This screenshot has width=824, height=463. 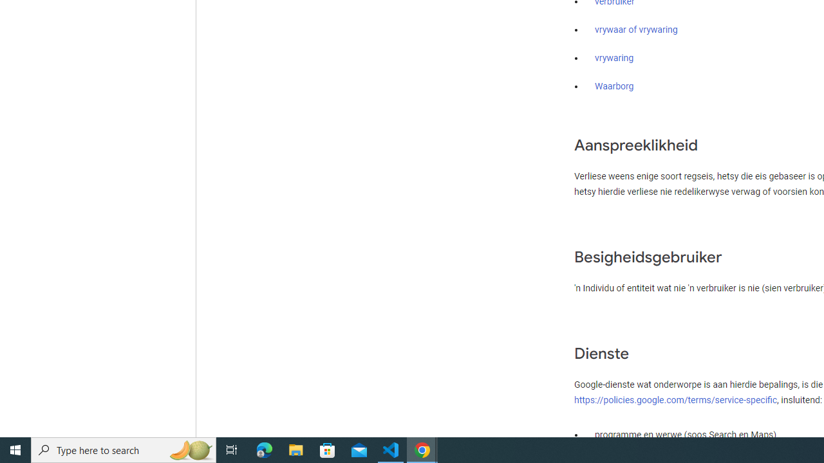 I want to click on 'vrywaar of vrywaring', so click(x=636, y=30).